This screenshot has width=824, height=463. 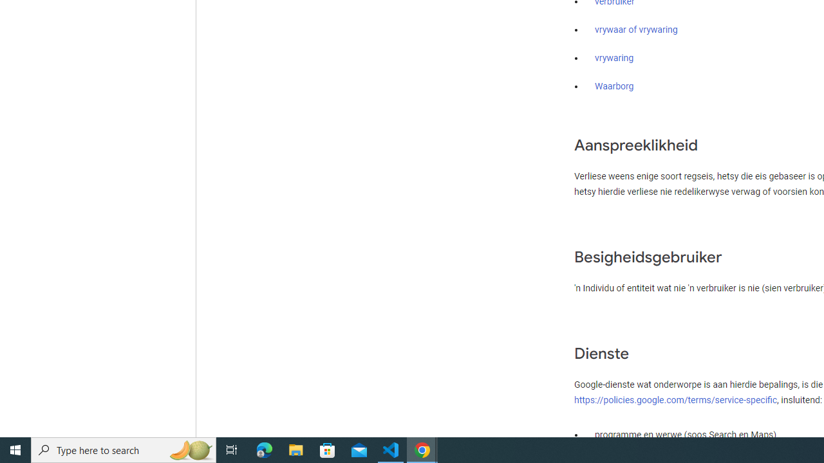 I want to click on 'vrywaar of vrywaring', so click(x=636, y=30).